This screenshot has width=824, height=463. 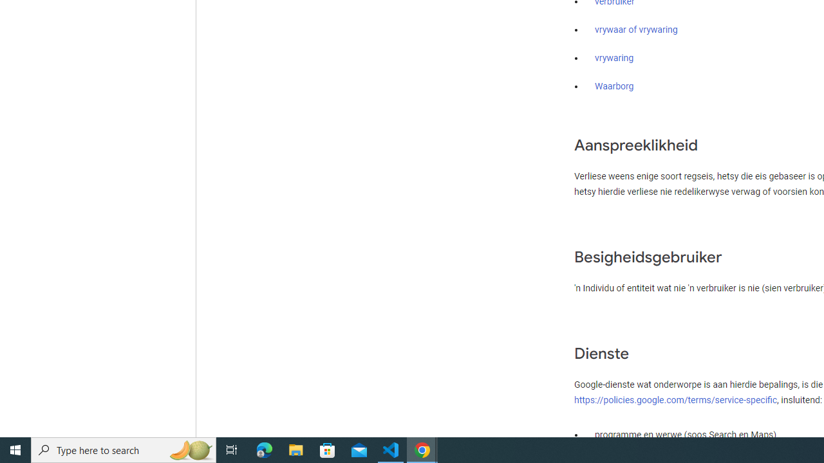 I want to click on 'vrywaar of vrywaring', so click(x=636, y=30).